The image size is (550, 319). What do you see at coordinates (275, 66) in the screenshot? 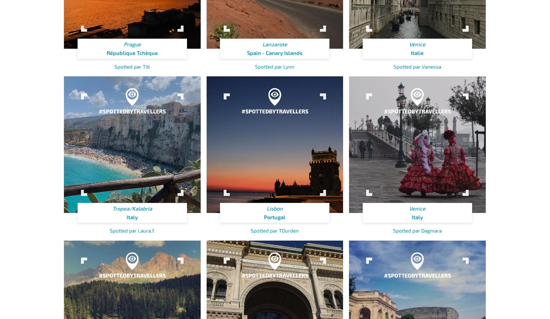
I see `'Spotted par Lynn'` at bounding box center [275, 66].